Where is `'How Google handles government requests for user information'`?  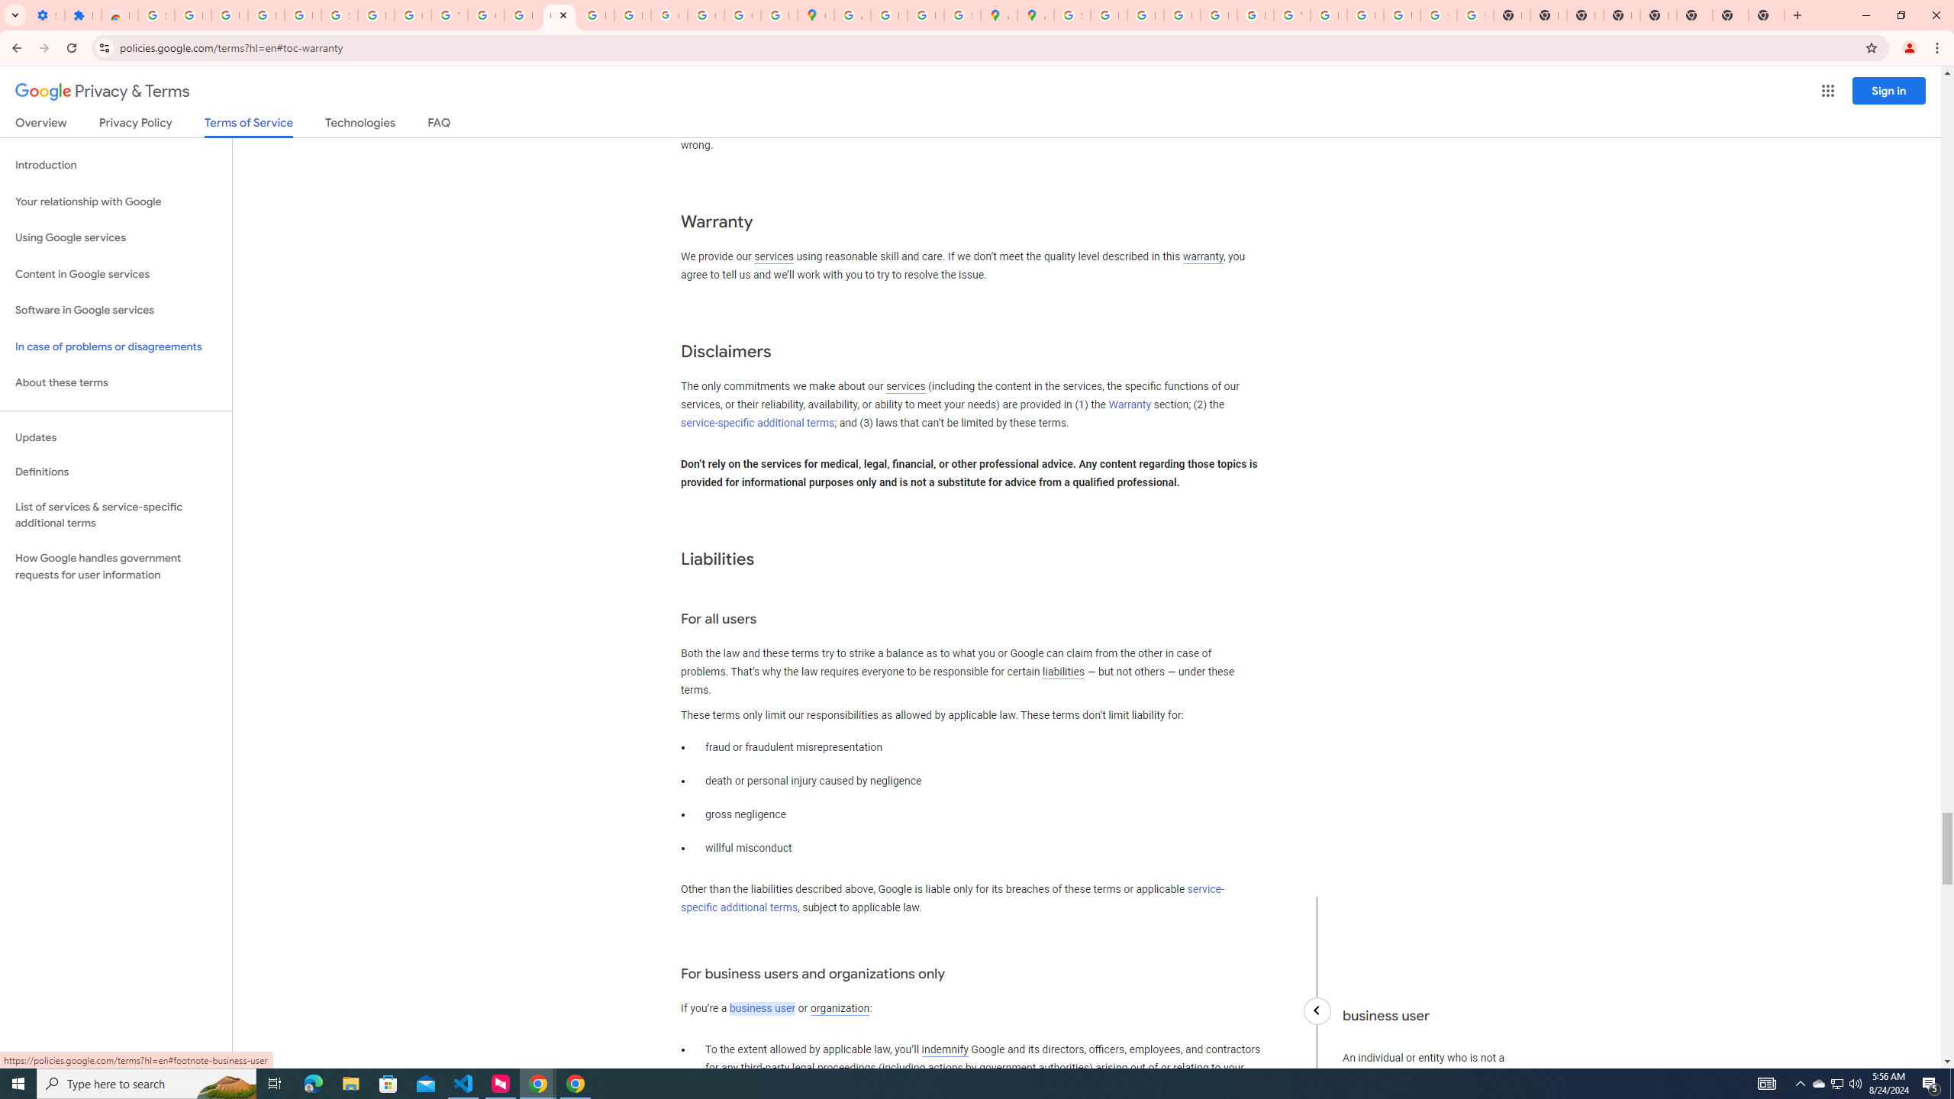
'How Google handles government requests for user information' is located at coordinates (115, 566).